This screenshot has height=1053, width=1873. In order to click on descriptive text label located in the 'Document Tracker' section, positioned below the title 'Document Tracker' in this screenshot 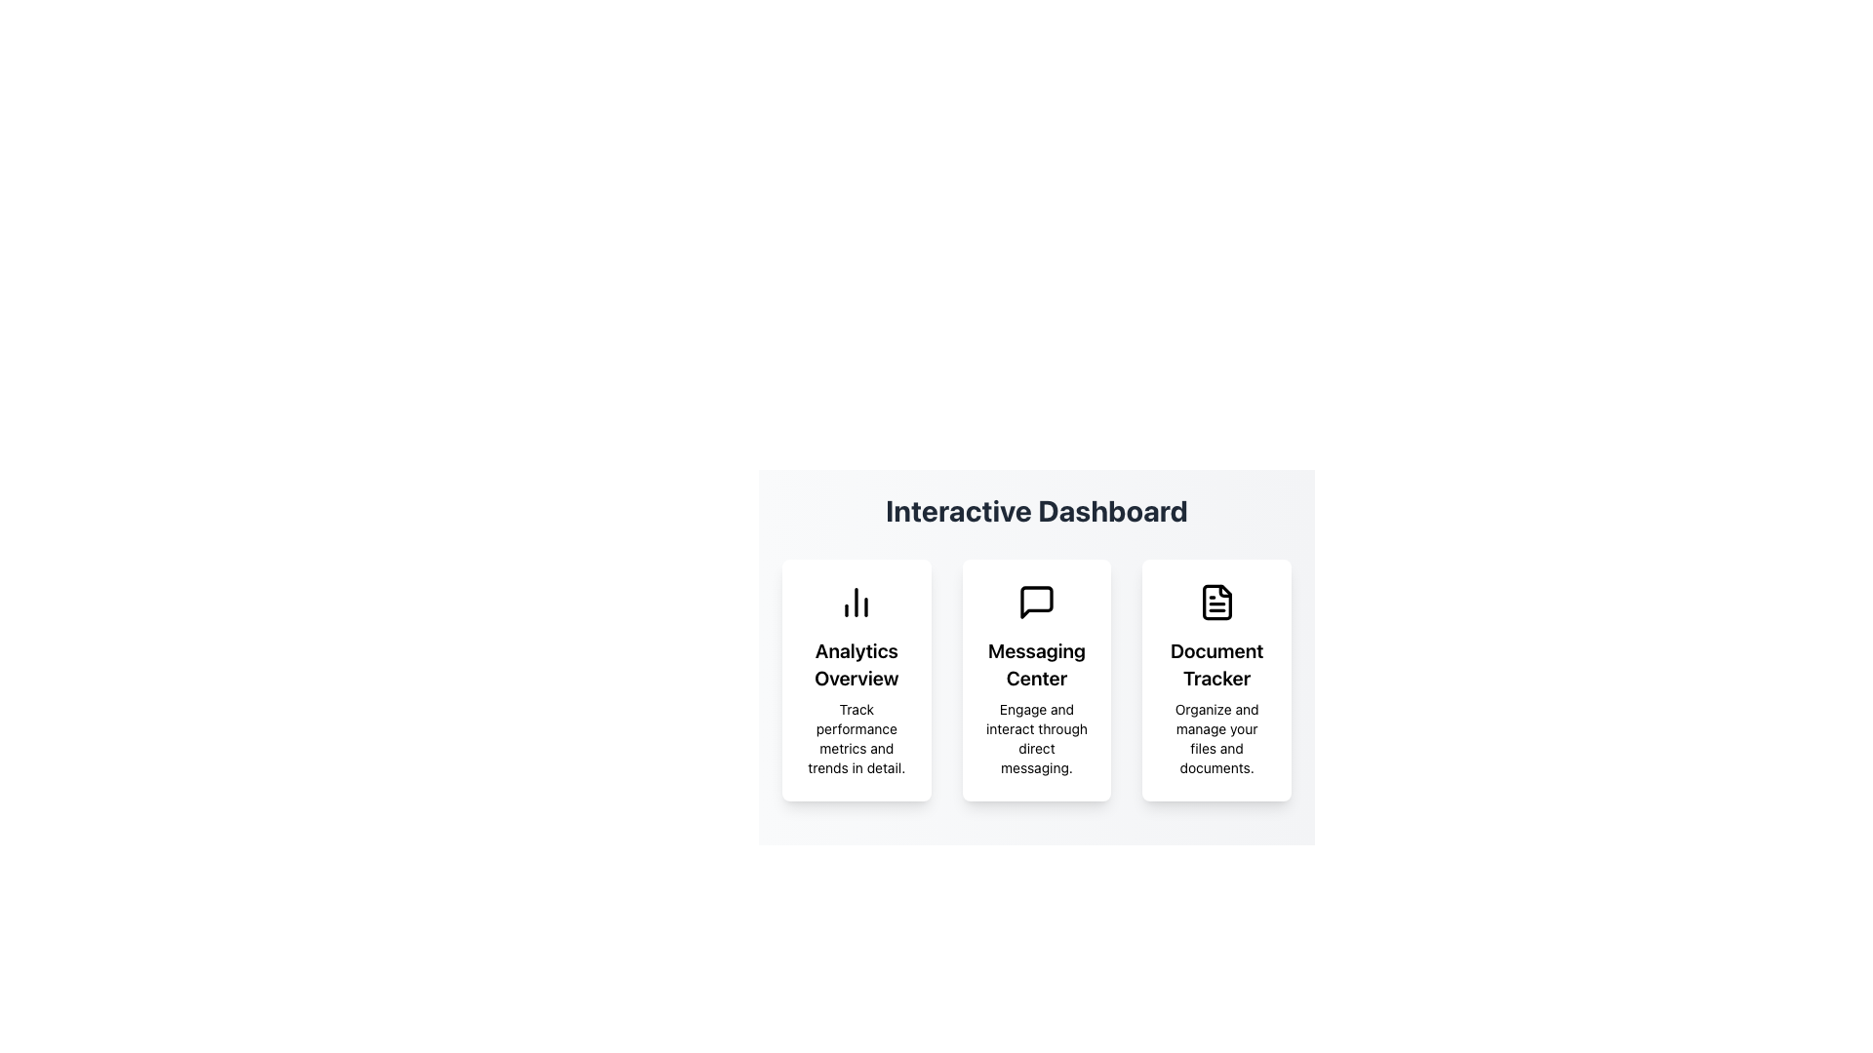, I will do `click(1215, 739)`.